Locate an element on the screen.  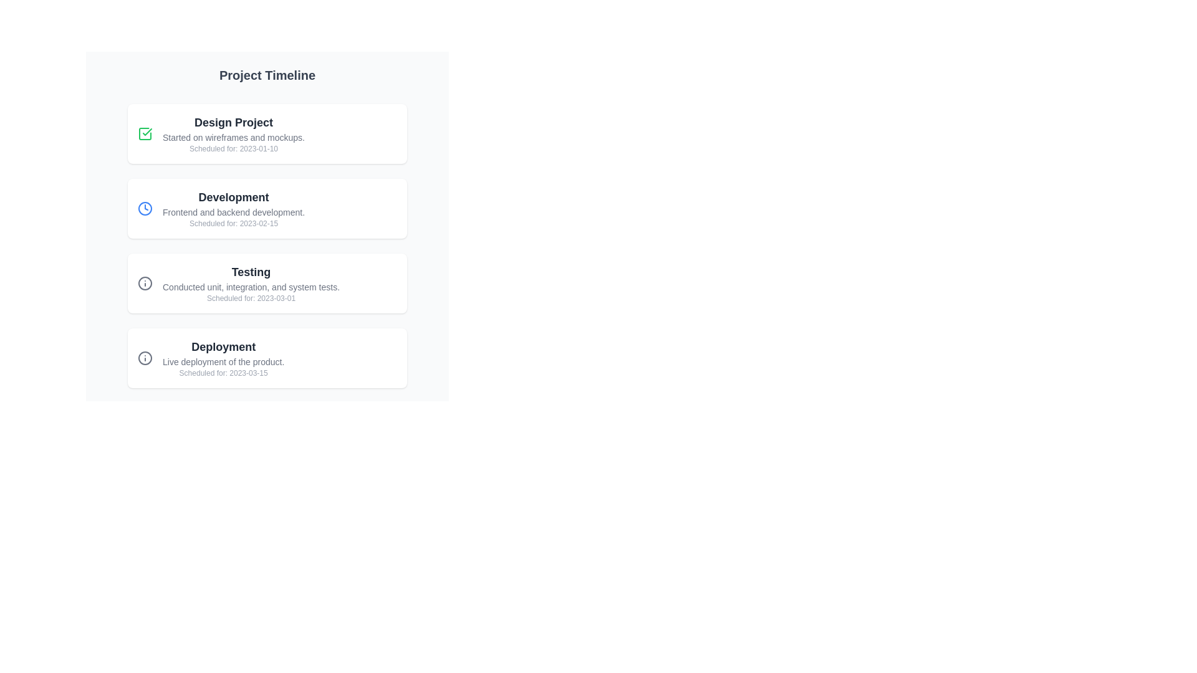
the clock face icon represented by a circle, which is adjacent to the 'Development' task text is located at coordinates (145, 208).